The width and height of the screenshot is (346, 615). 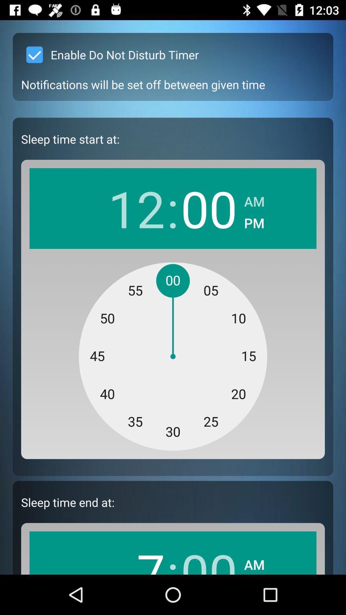 I want to click on 7, so click(x=136, y=556).